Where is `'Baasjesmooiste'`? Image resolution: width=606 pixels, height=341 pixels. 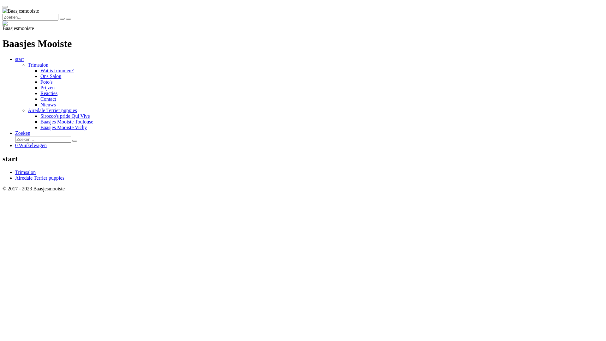 'Baasjesmooiste' is located at coordinates (21, 11).